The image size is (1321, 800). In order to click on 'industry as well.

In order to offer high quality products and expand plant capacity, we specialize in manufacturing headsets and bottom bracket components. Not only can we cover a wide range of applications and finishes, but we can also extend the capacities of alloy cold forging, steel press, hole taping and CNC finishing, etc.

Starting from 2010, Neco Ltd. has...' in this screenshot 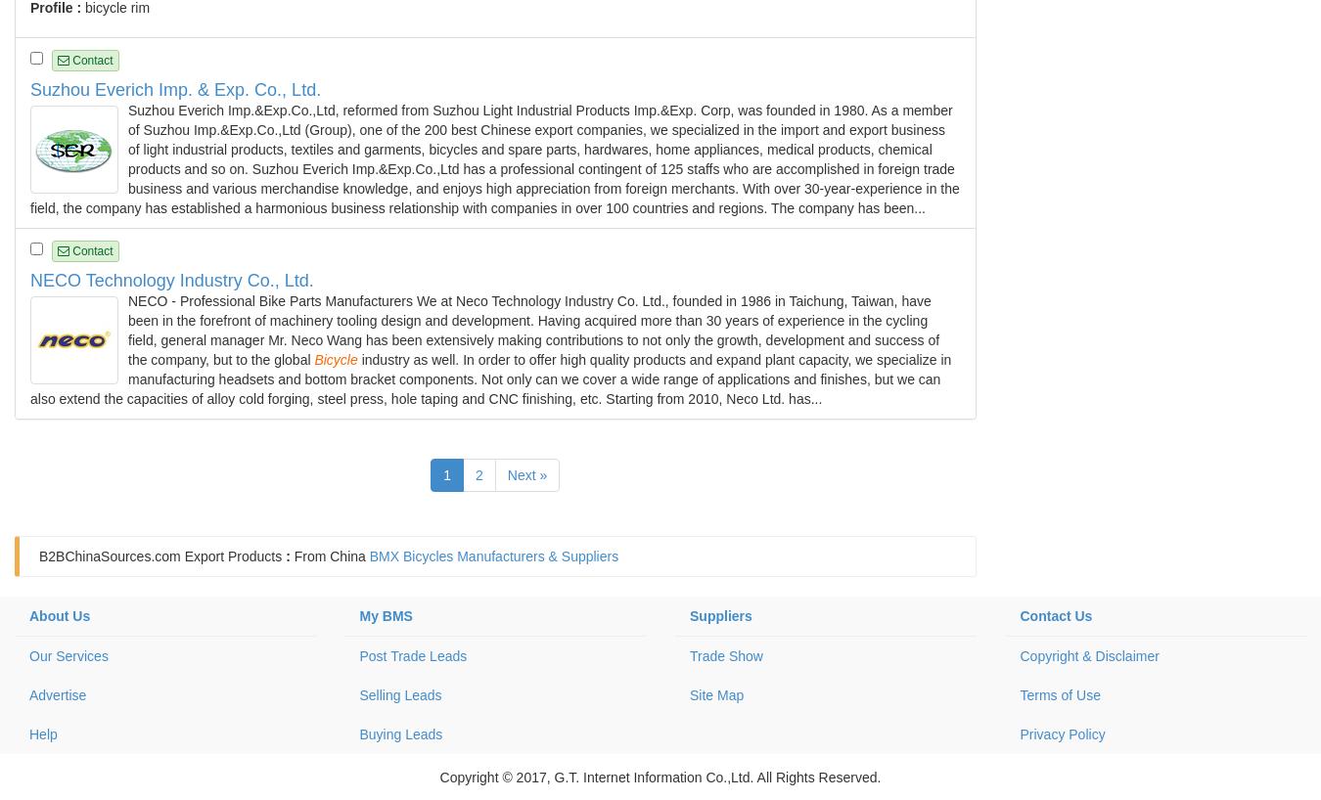, I will do `click(489, 378)`.